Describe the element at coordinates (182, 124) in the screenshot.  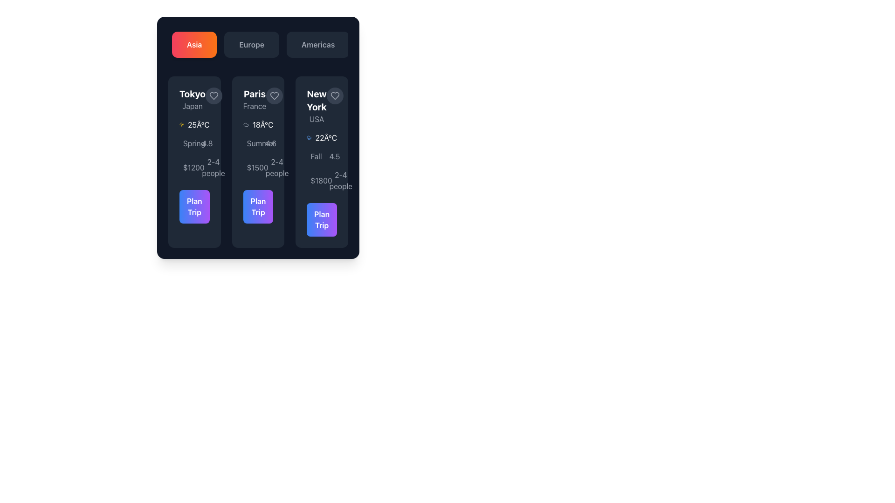
I see `the circular sun icon, which is yellow and located in the first column of the card layout titled 'Tokyo', positioned just to the left of the temperature information '25Â°C'` at that location.